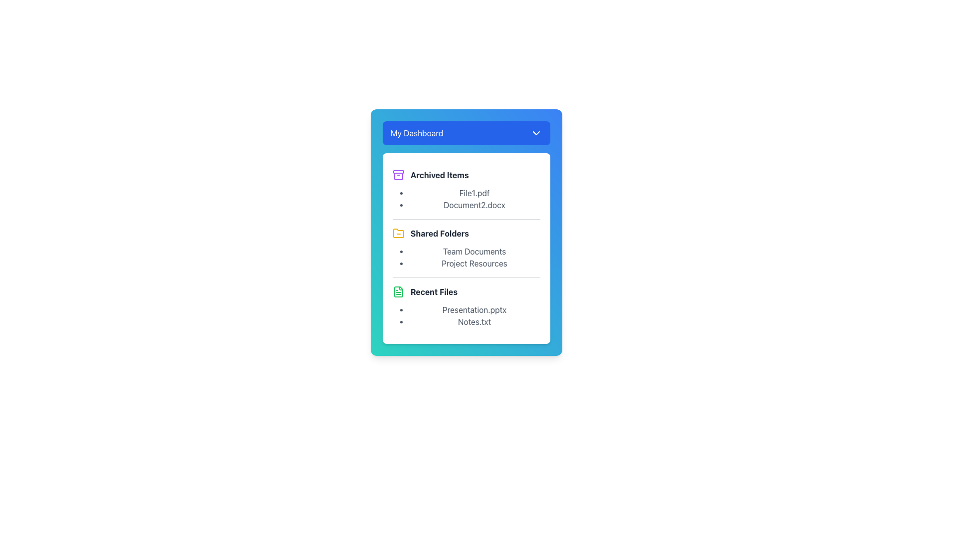  What do you see at coordinates (466, 175) in the screenshot?
I see `the 'Archived Items' label with a purple archive box icon, which is the first item in a vertical list and visually set apart within its section` at bounding box center [466, 175].